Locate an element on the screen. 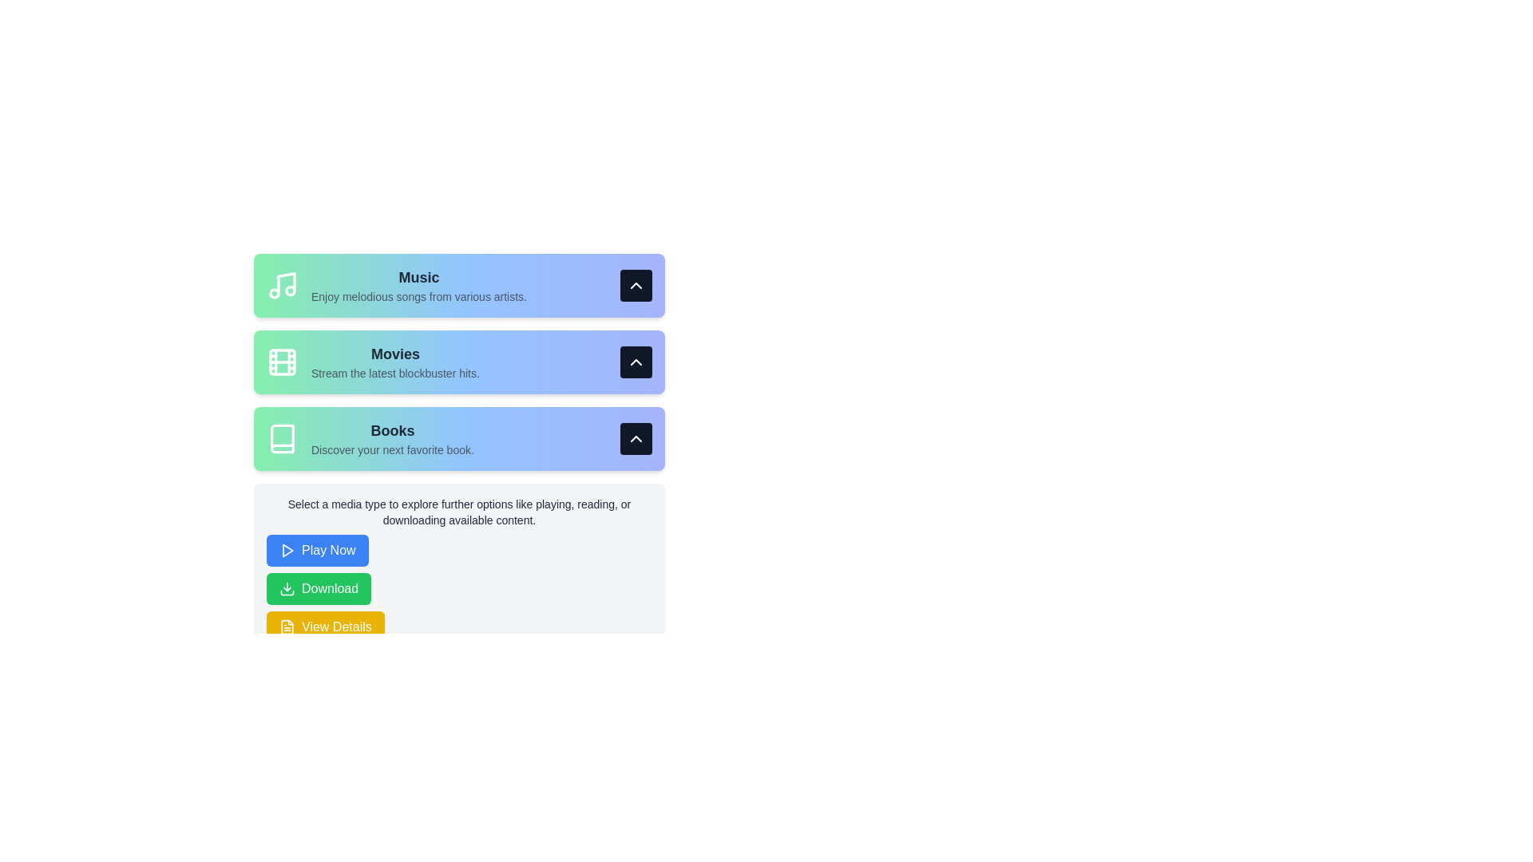 Image resolution: width=1533 pixels, height=862 pixels. the Decorative SVG rectangle within the filmstrip icon, which is located centrally adjacent to the 'Movies' text label among the buttons labeled 'Music,' 'Movies,' and 'Books.' is located at coordinates (283, 362).